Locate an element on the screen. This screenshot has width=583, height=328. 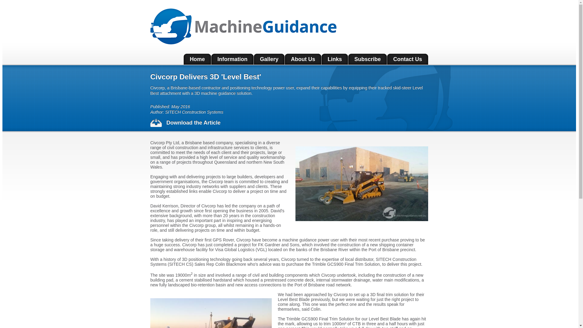
'Contact Us' is located at coordinates (407, 59).